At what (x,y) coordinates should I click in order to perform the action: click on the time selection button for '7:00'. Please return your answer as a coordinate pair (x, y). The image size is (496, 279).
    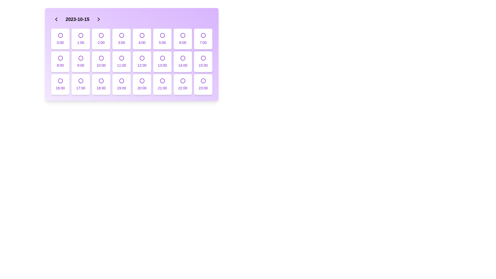
    Looking at the image, I should click on (203, 38).